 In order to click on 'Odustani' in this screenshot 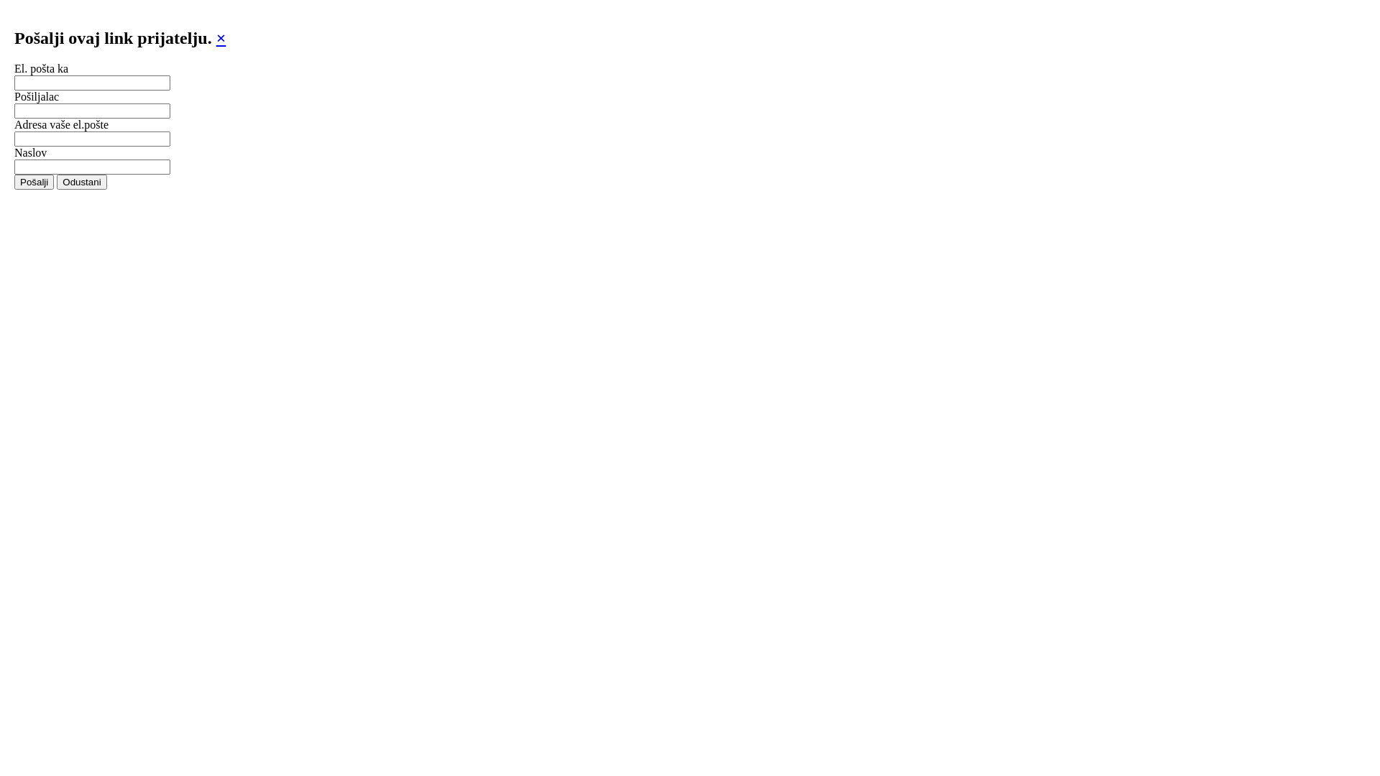, I will do `click(80, 181)`.